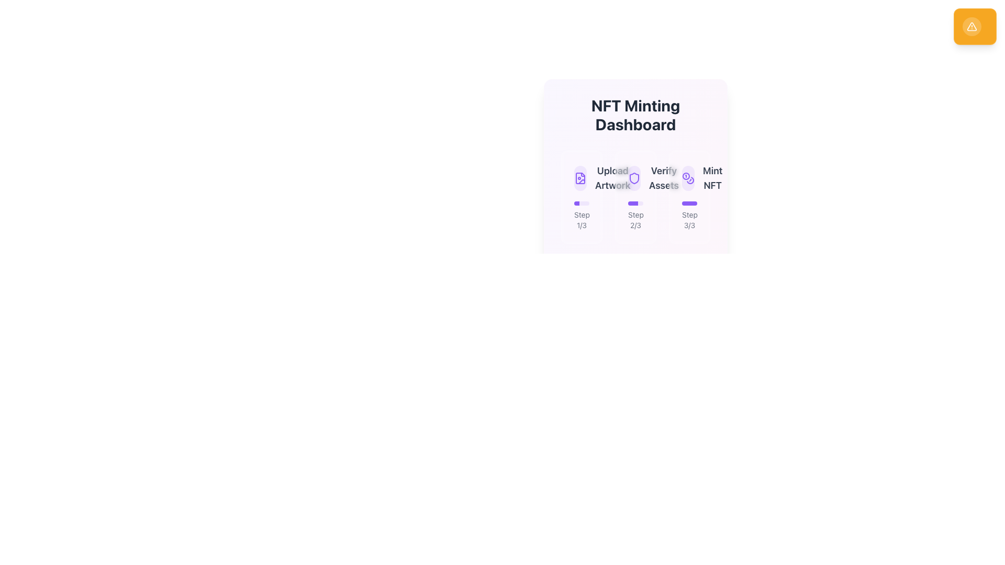 The image size is (1005, 565). I want to click on the first icon representing a file with an image, styled in a circular violet background, located in the 'NFT Minting Dashboard' section, so click(581, 177).